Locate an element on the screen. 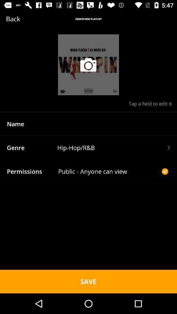  the hip hop r icon is located at coordinates (113, 148).